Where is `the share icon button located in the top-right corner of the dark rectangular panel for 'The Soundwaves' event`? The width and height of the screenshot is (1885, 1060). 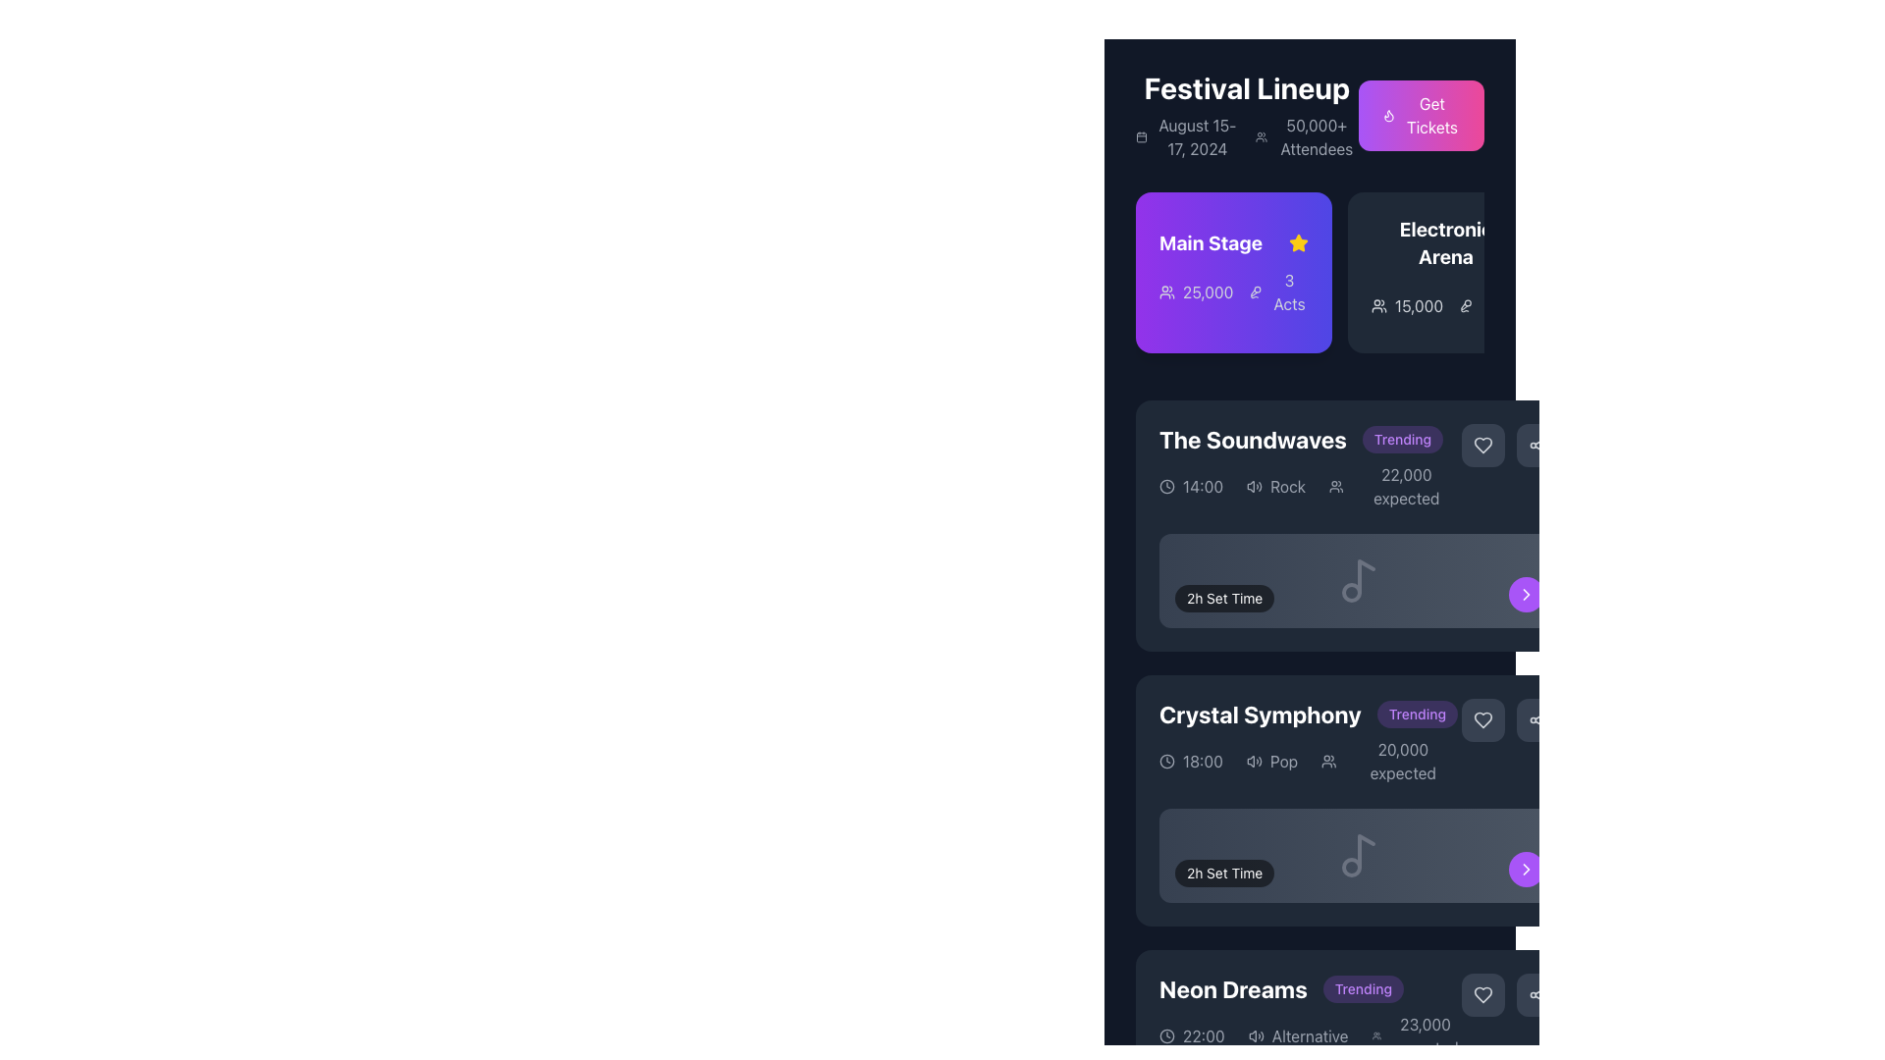
the share icon button located in the top-right corner of the dark rectangular panel for 'The Soundwaves' event is located at coordinates (1536, 446).